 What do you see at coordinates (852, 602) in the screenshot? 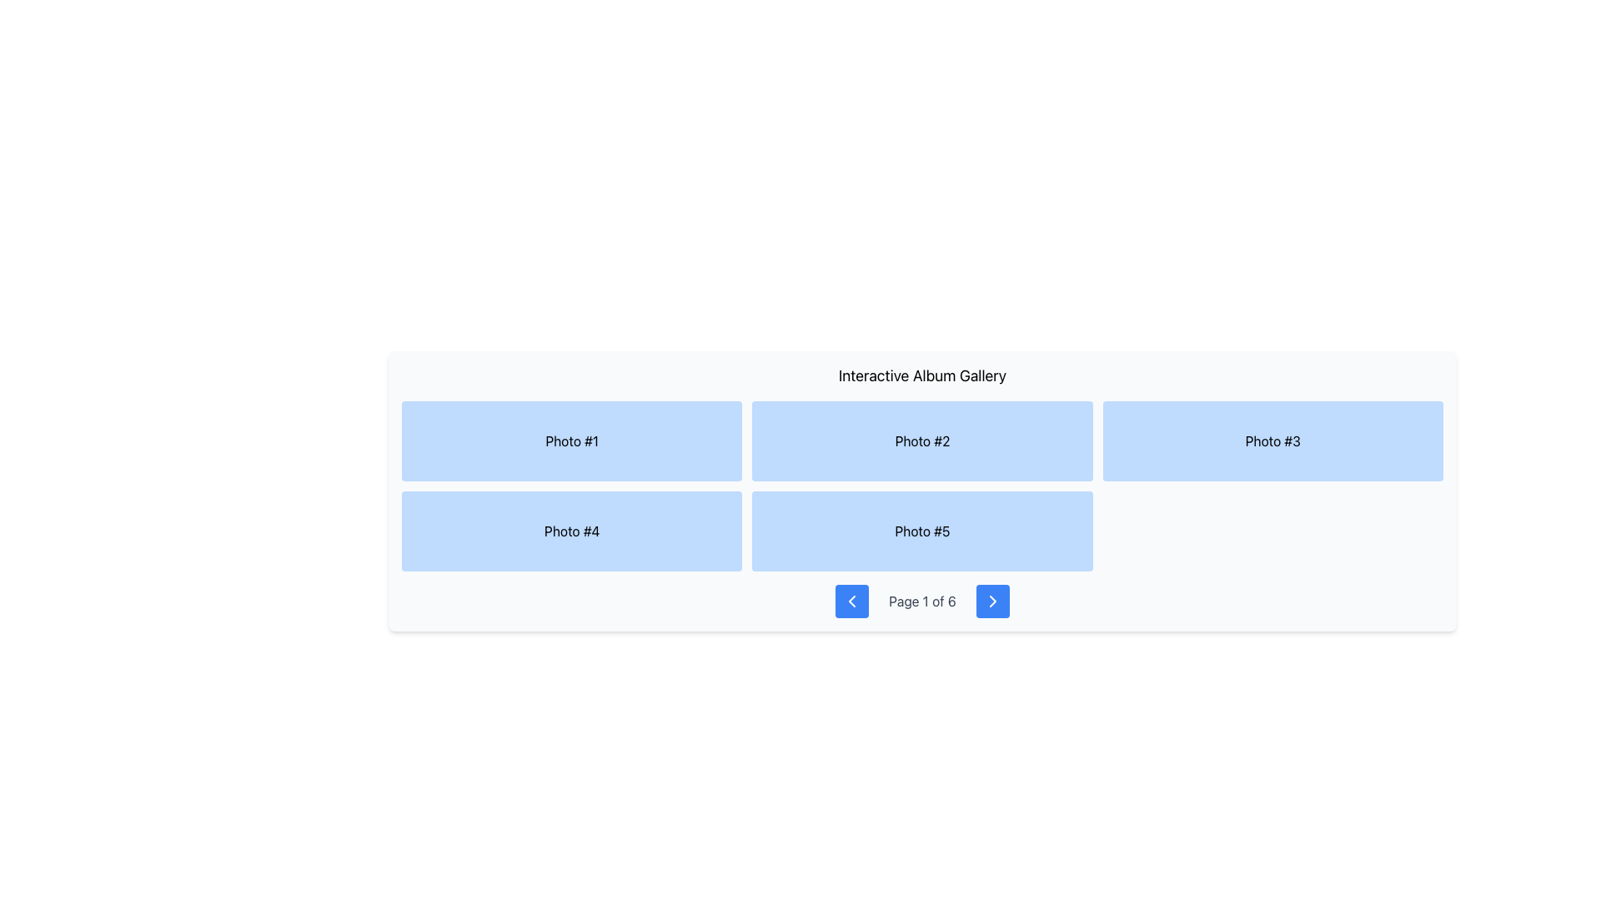
I see `the small left-pointing chevron icon, styled as a thin black outlined arrow, located inside the blue square button at the bottom left corner of the pagination control area` at bounding box center [852, 602].